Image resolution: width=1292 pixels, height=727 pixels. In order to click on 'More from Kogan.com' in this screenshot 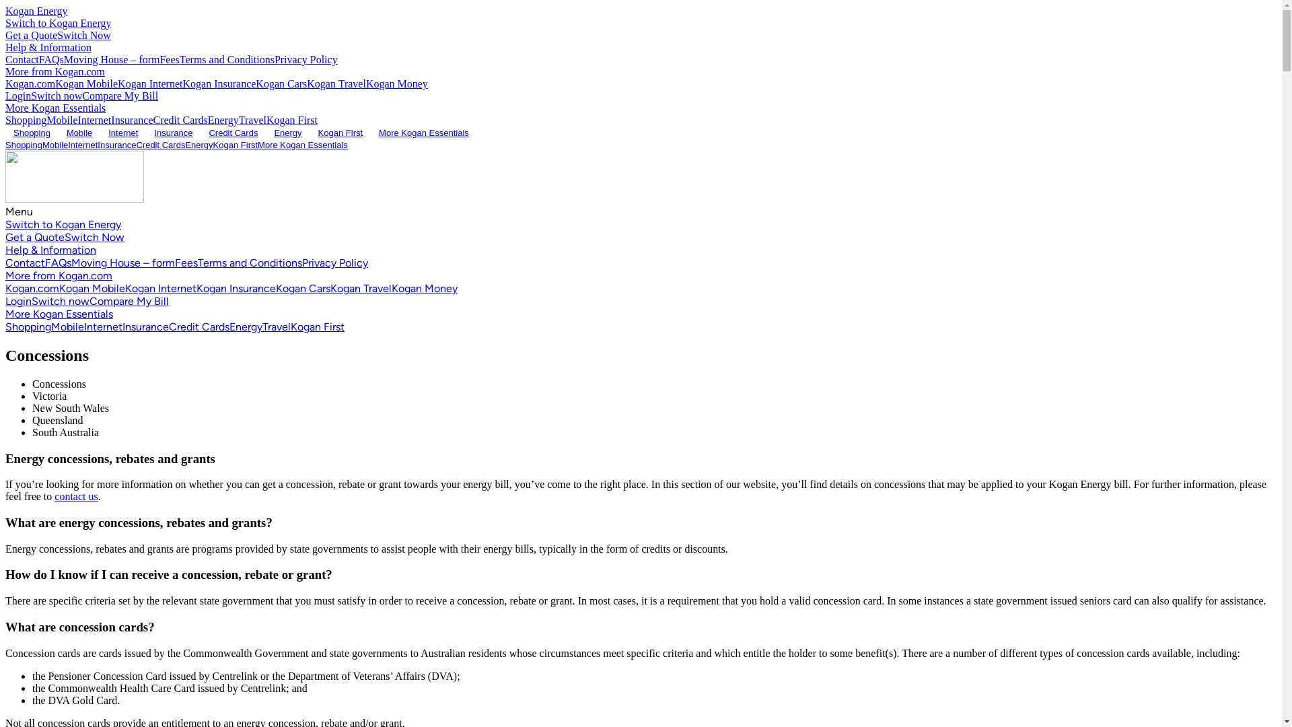, I will do `click(54, 71)`.